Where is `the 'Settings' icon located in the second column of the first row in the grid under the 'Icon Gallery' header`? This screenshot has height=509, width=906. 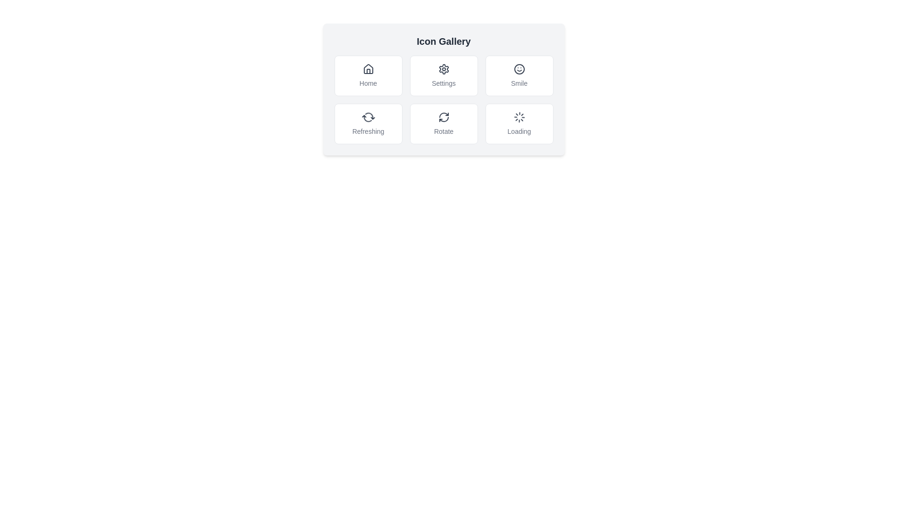 the 'Settings' icon located in the second column of the first row in the grid under the 'Icon Gallery' header is located at coordinates (443, 68).